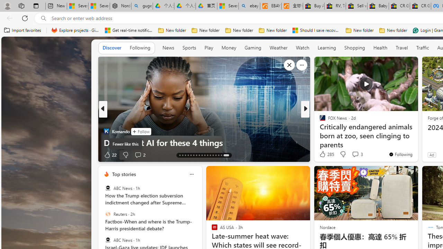 The height and width of the screenshot is (249, 443). What do you see at coordinates (422, 47) in the screenshot?
I see `'Traffic'` at bounding box center [422, 47].